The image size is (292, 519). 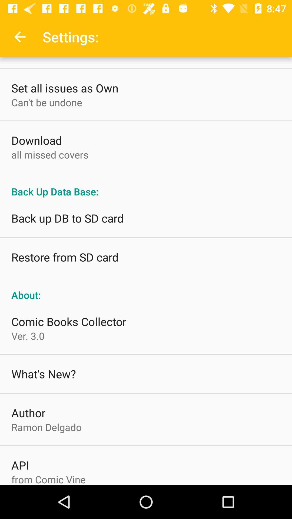 What do you see at coordinates (19, 36) in the screenshot?
I see `the app next to the settings: icon` at bounding box center [19, 36].